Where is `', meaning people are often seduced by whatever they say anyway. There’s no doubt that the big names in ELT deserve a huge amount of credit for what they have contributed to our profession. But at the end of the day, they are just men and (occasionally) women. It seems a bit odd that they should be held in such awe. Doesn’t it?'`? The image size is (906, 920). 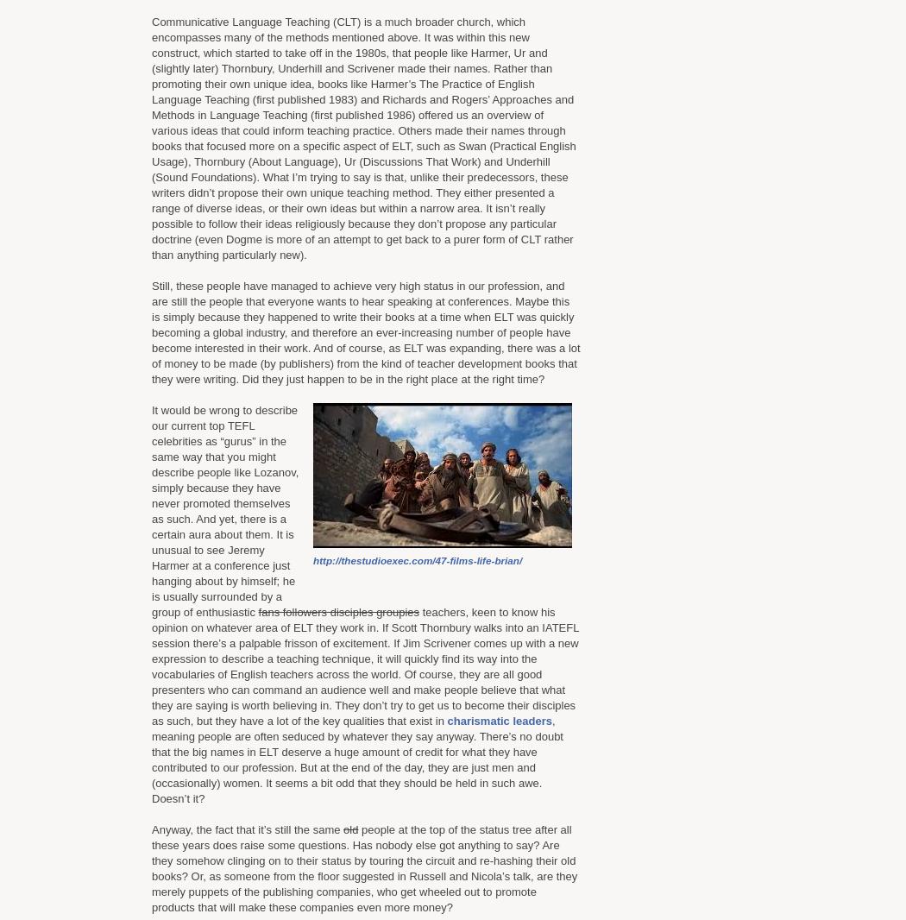 ', meaning people are often seduced by whatever they say anyway. There’s no doubt that the big names in ELT deserve a huge amount of credit for what they have contributed to our profession. But at the end of the day, they are just men and (occasionally) women. It seems a bit odd that they should be held in such awe. Doesn’t it?' is located at coordinates (356, 759).